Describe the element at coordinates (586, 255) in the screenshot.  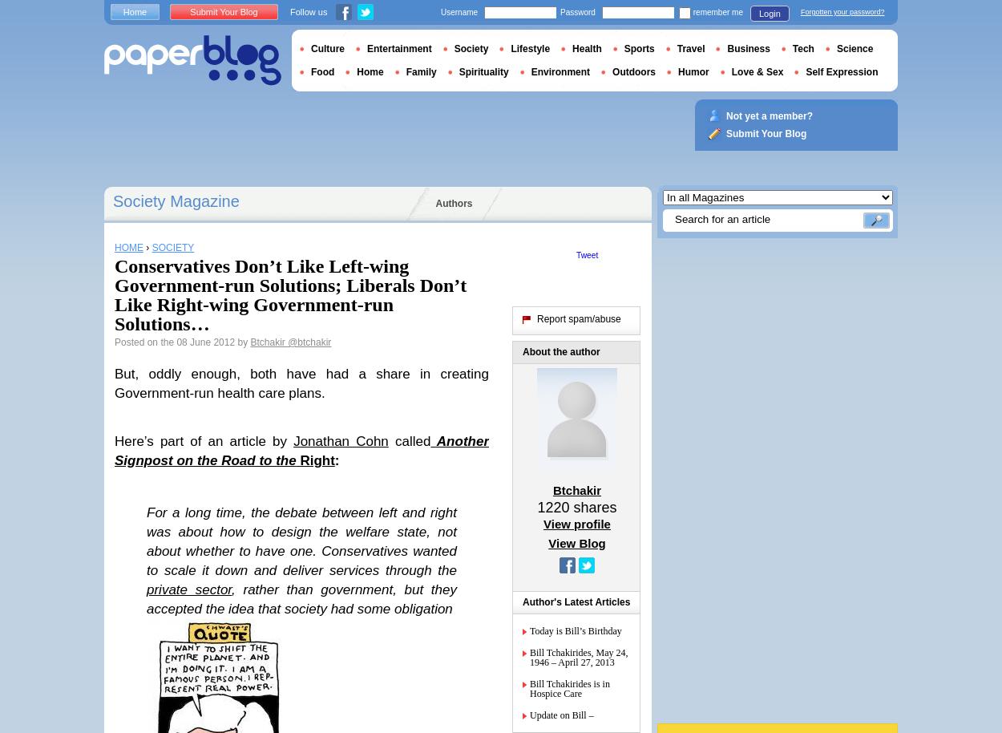
I see `'Tweet'` at that location.